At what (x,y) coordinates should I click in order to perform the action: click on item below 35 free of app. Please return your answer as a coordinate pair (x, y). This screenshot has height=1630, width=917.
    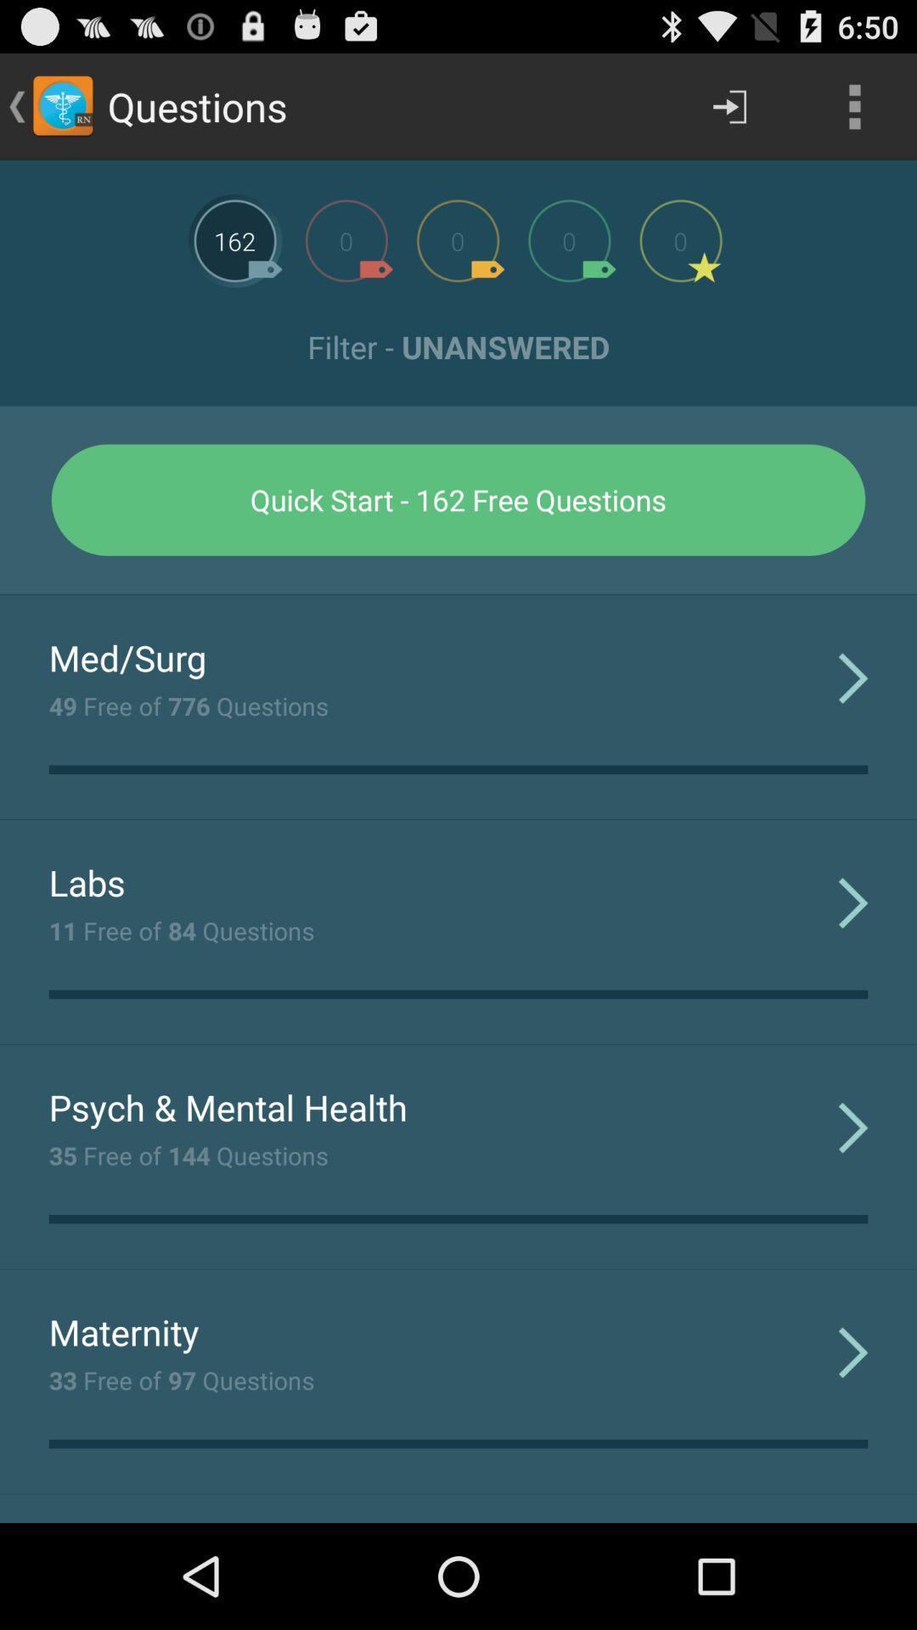
    Looking at the image, I should click on (123, 1331).